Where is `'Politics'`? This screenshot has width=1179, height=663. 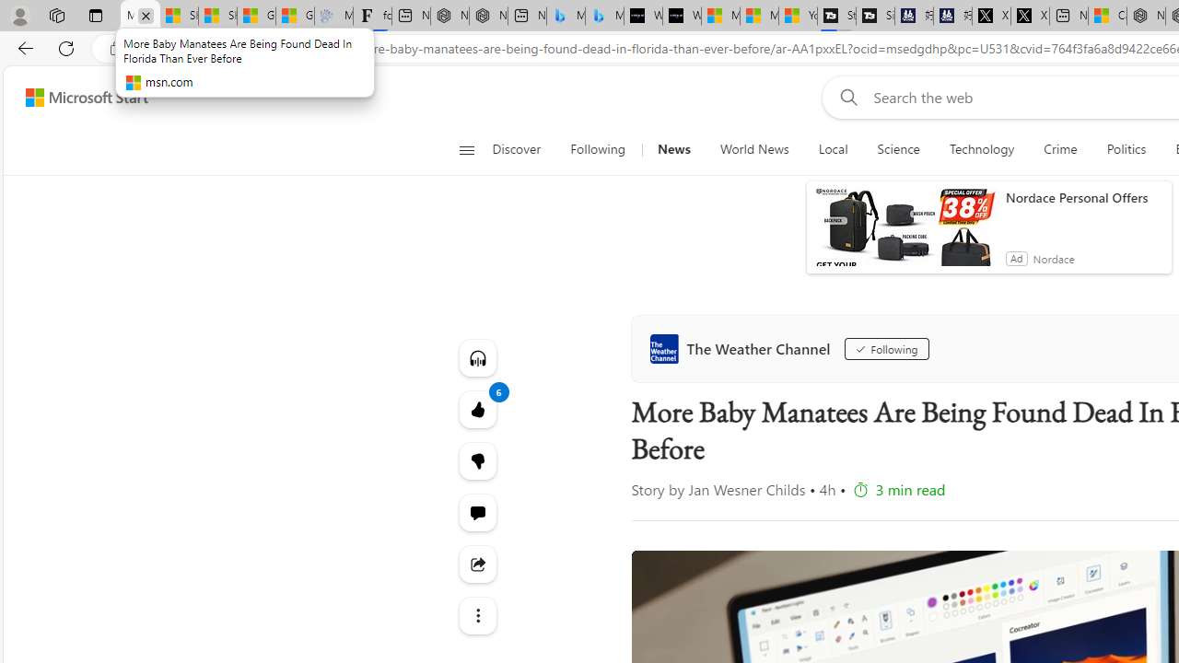
'Politics' is located at coordinates (1126, 149).